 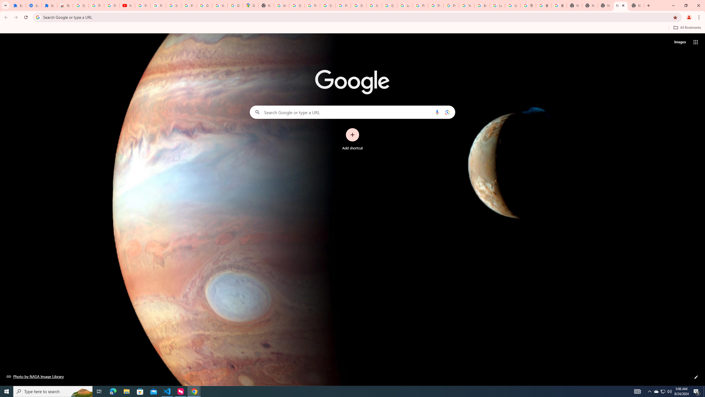 I want to click on 'Customize this page', so click(x=696, y=377).